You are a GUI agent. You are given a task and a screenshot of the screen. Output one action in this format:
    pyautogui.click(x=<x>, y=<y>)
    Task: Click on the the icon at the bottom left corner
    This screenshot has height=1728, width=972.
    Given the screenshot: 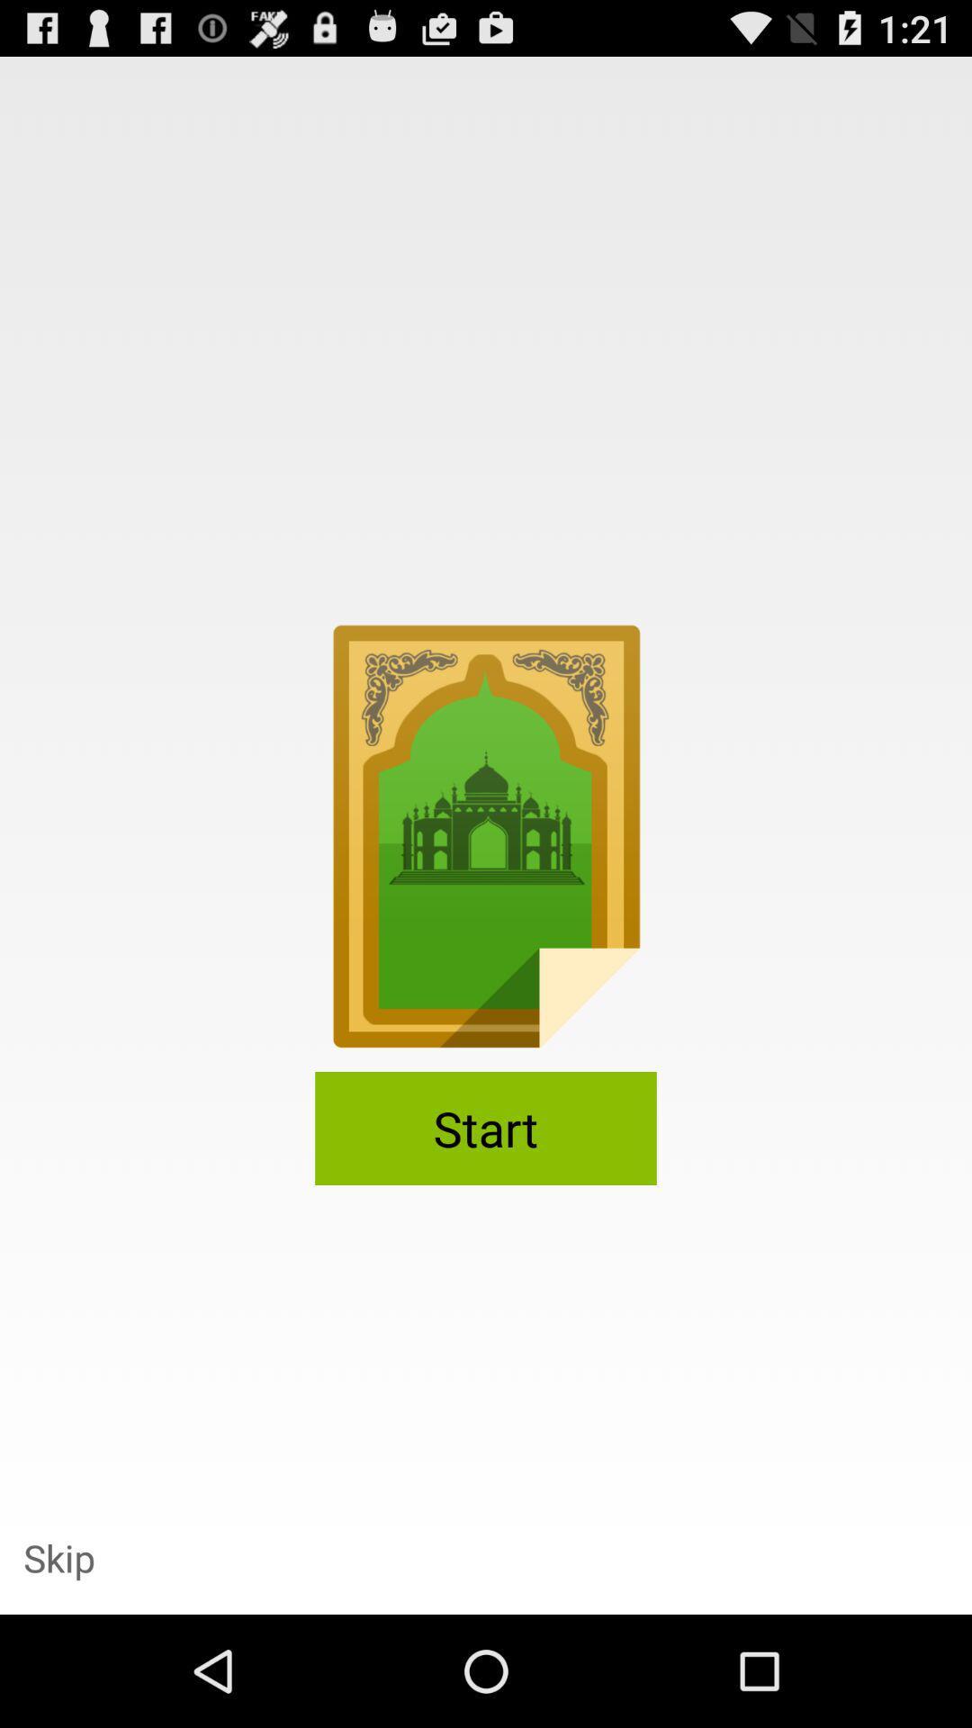 What is the action you would take?
    pyautogui.click(x=58, y=1557)
    